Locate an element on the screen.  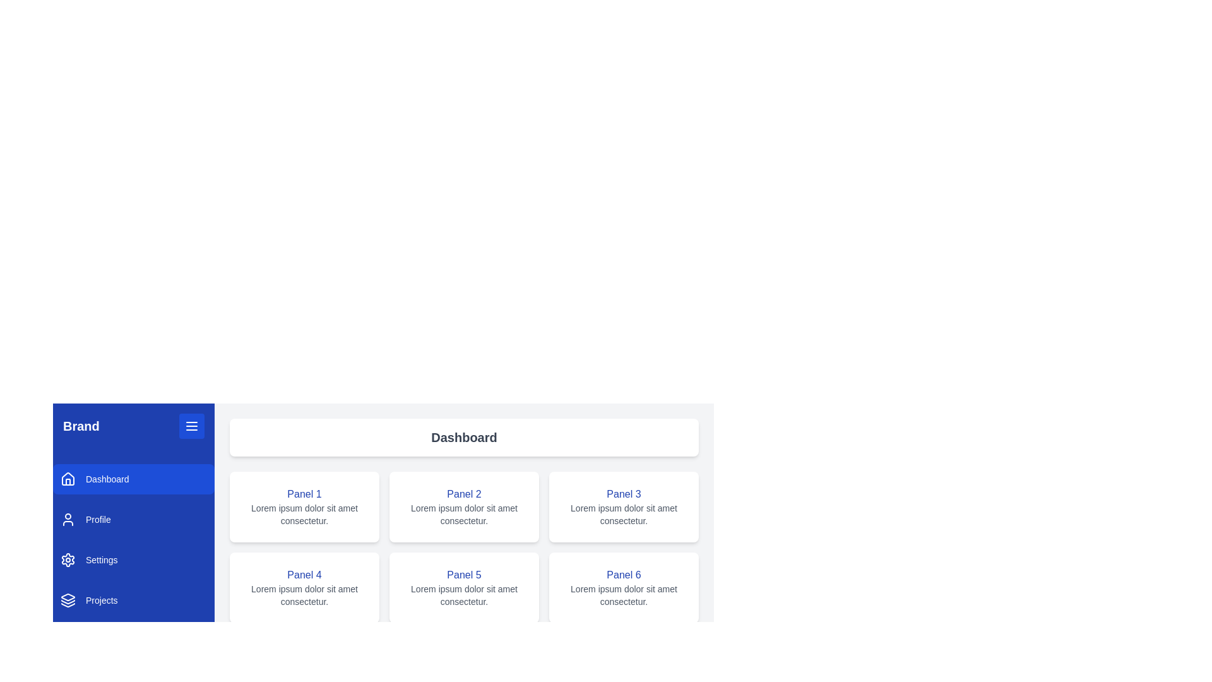
the text label located below the title 'Panel 6' on the 'Panel 6' card in the lower part of the card, positioned at the bottom-right corner of the grid layout is located at coordinates (624, 595).